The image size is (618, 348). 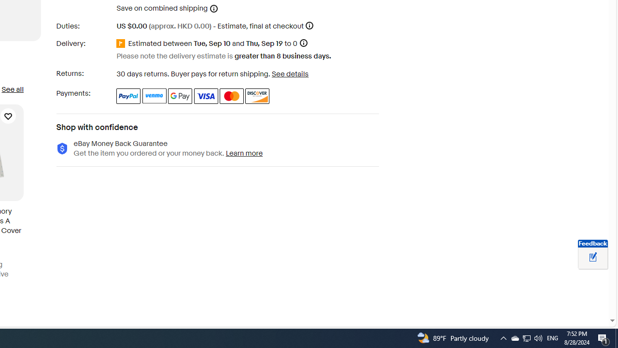 What do you see at coordinates (592, 257) in the screenshot?
I see `'Leave feedback about your eBay ViewItem experience'` at bounding box center [592, 257].